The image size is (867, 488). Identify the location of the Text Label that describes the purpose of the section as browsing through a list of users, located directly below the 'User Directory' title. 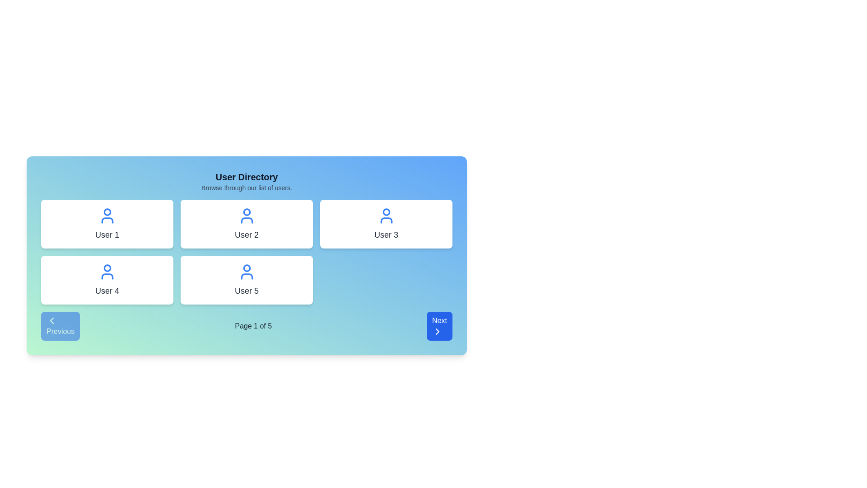
(247, 188).